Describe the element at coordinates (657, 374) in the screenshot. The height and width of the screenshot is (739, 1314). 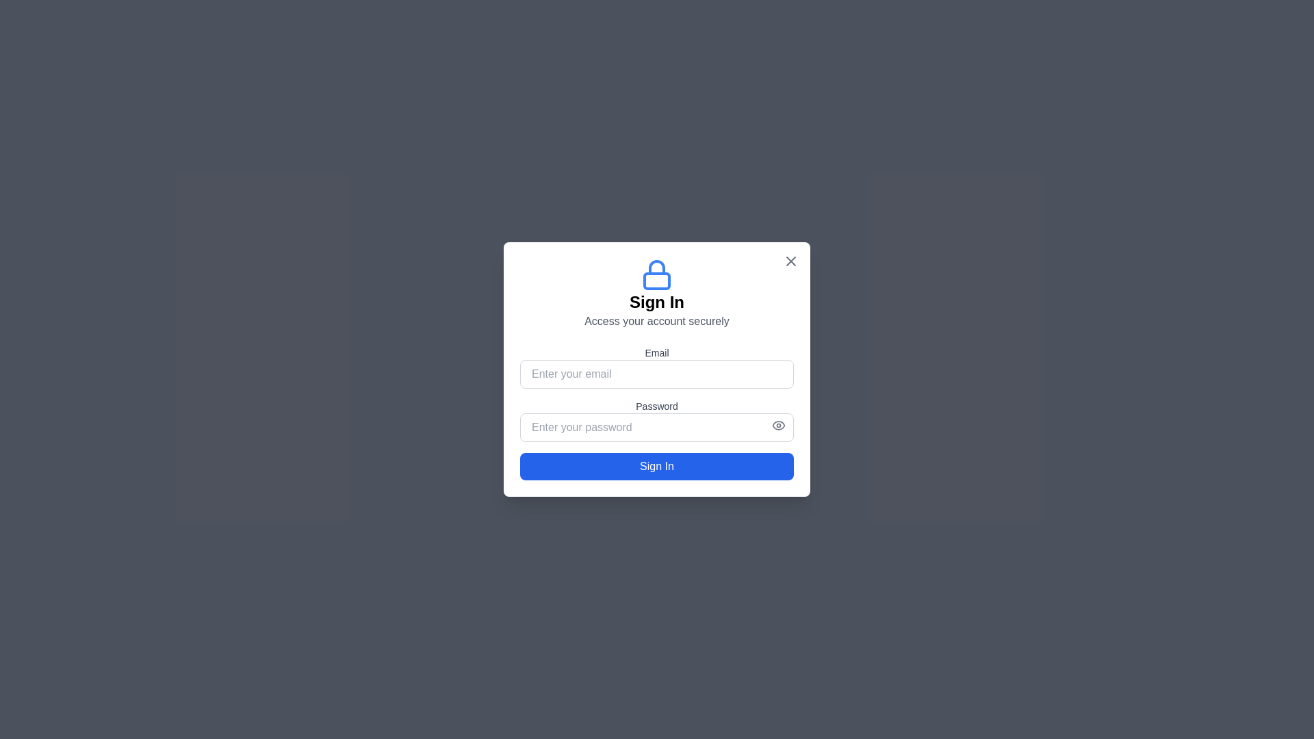
I see `the email input field and type 'user@example.com'` at that location.